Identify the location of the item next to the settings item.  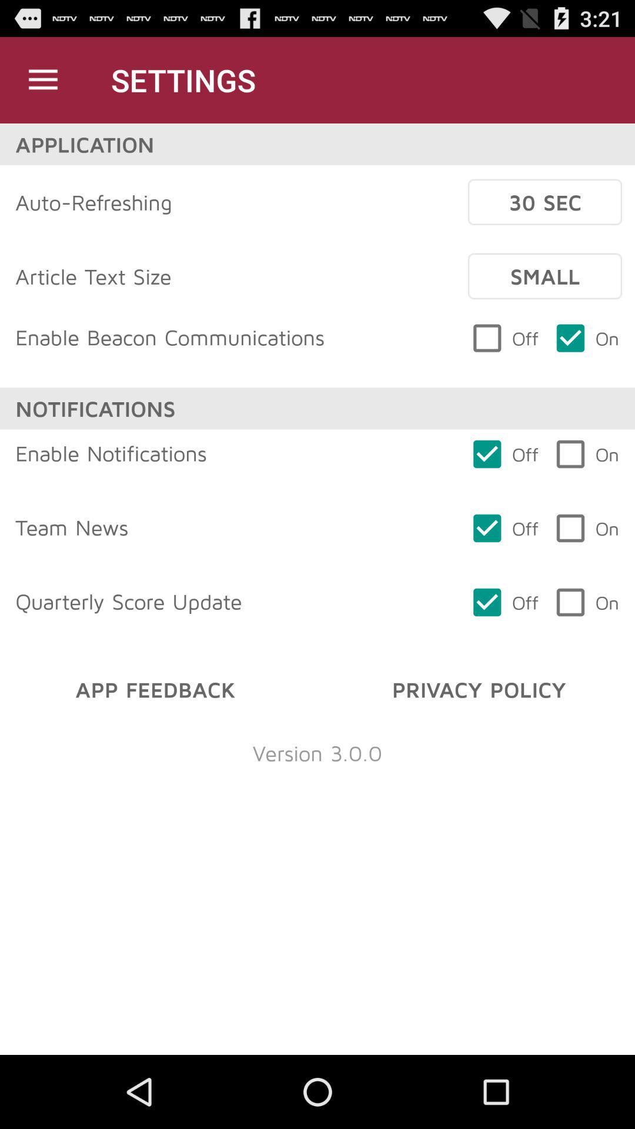
(42, 79).